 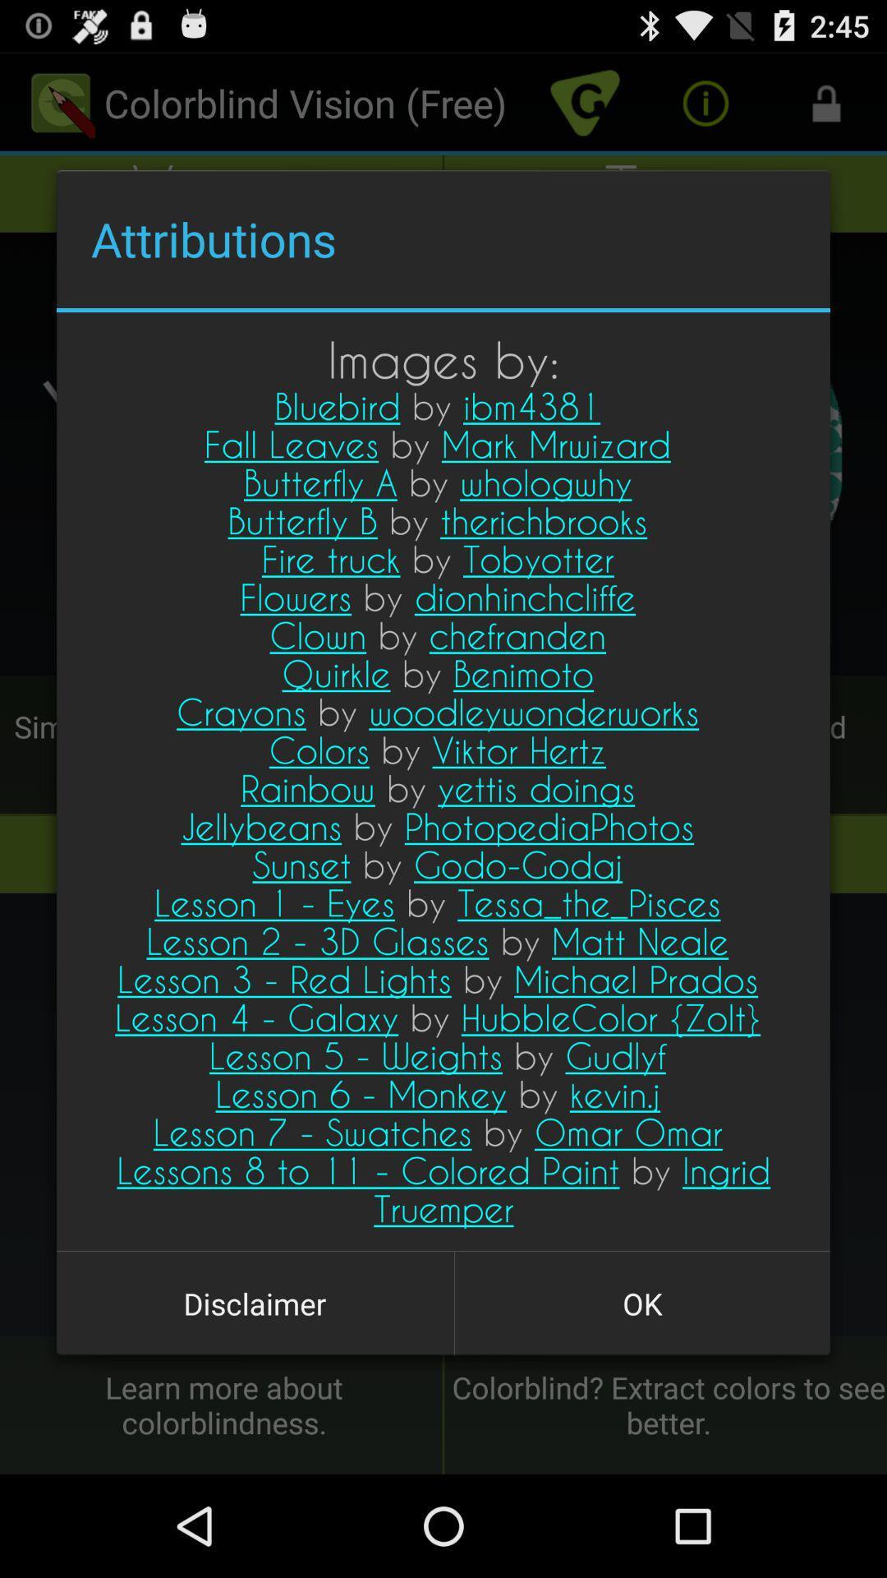 I want to click on the icon below the bluebird by ibm4381 item, so click(x=641, y=1303).